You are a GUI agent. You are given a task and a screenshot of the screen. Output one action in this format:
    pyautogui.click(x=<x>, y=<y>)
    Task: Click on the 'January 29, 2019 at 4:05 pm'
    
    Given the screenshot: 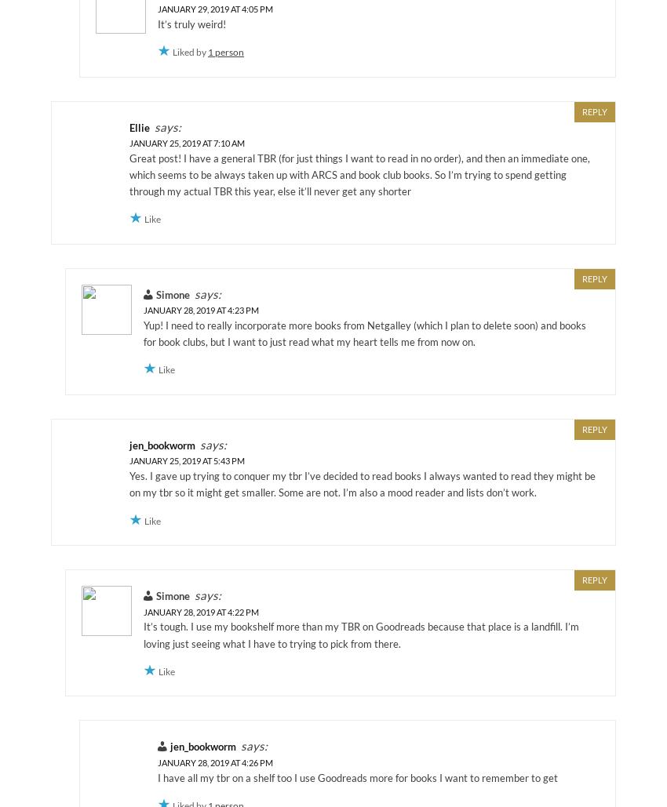 What is the action you would take?
    pyautogui.click(x=157, y=9)
    